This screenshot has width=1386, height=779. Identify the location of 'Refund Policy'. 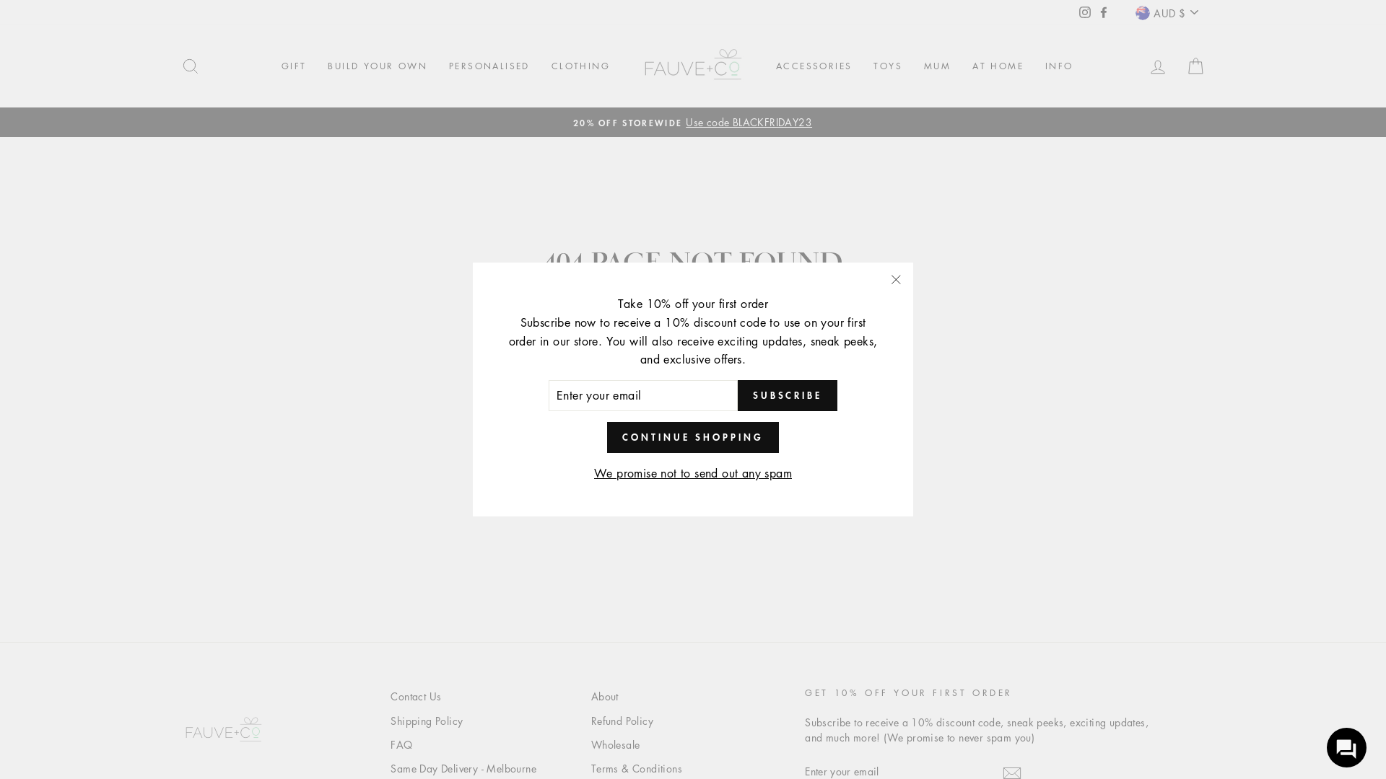
(622, 721).